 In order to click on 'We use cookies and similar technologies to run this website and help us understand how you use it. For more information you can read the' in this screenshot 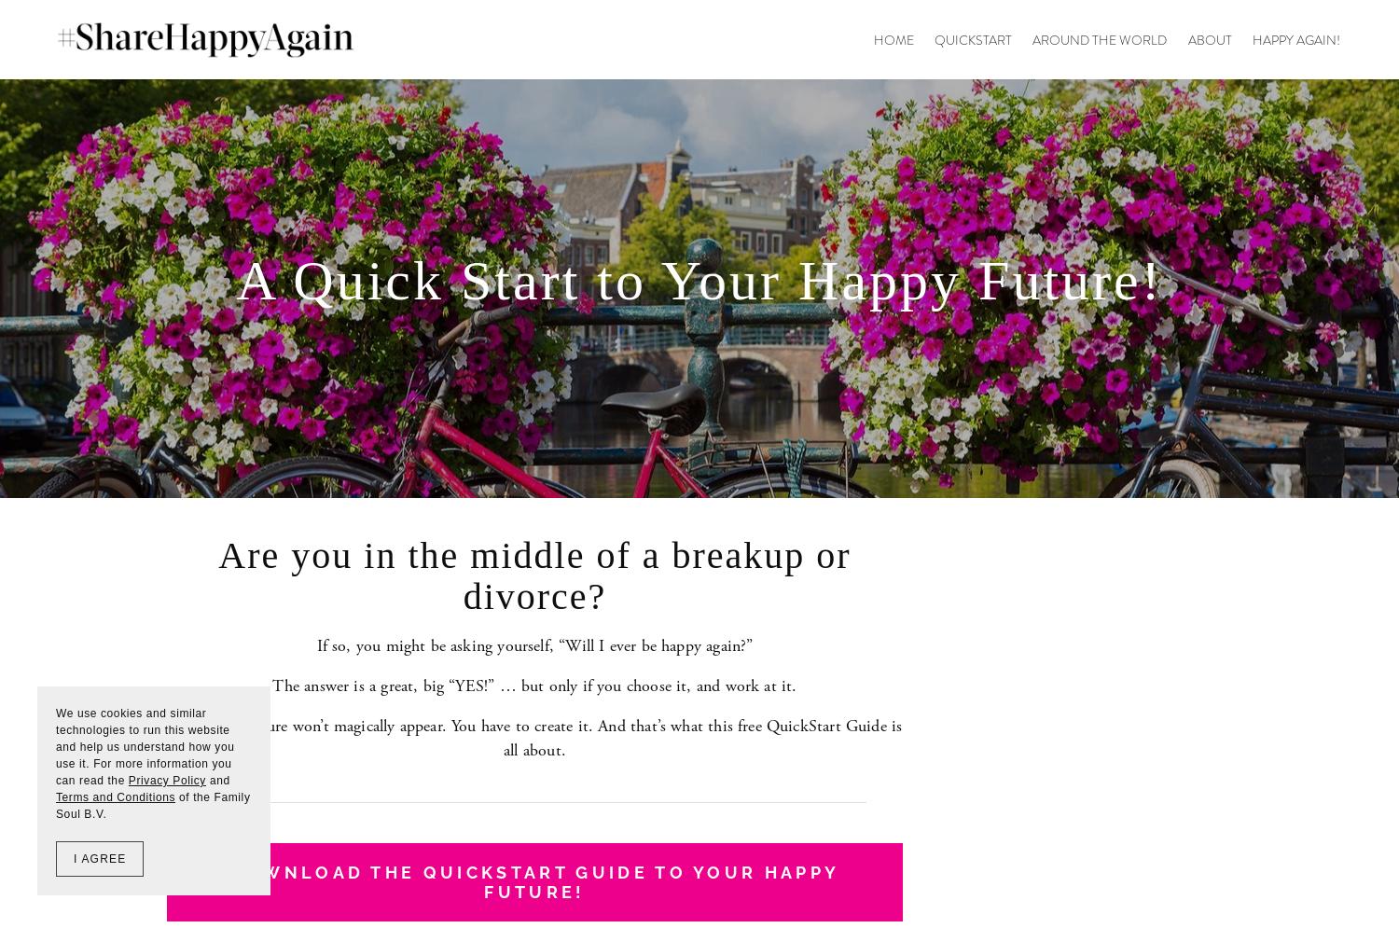, I will do `click(146, 747)`.